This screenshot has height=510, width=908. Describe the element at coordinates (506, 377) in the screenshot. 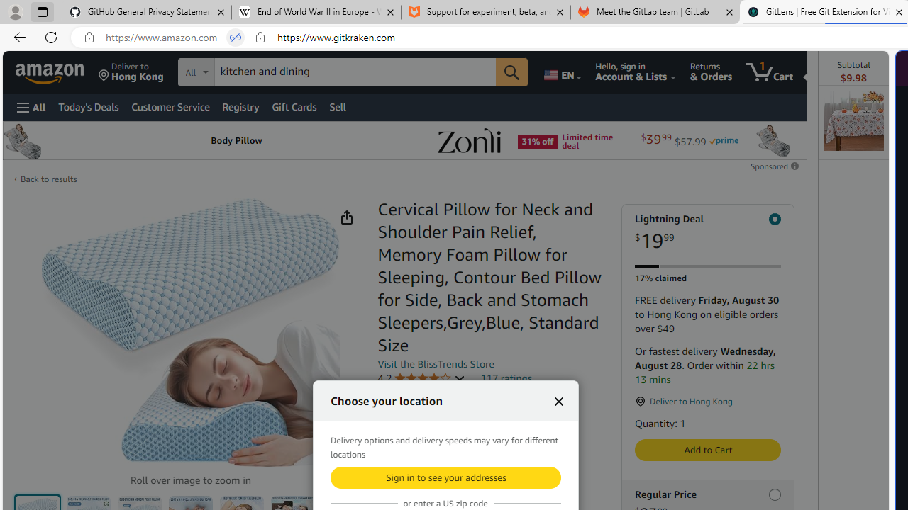

I see `'117 ratings'` at that location.